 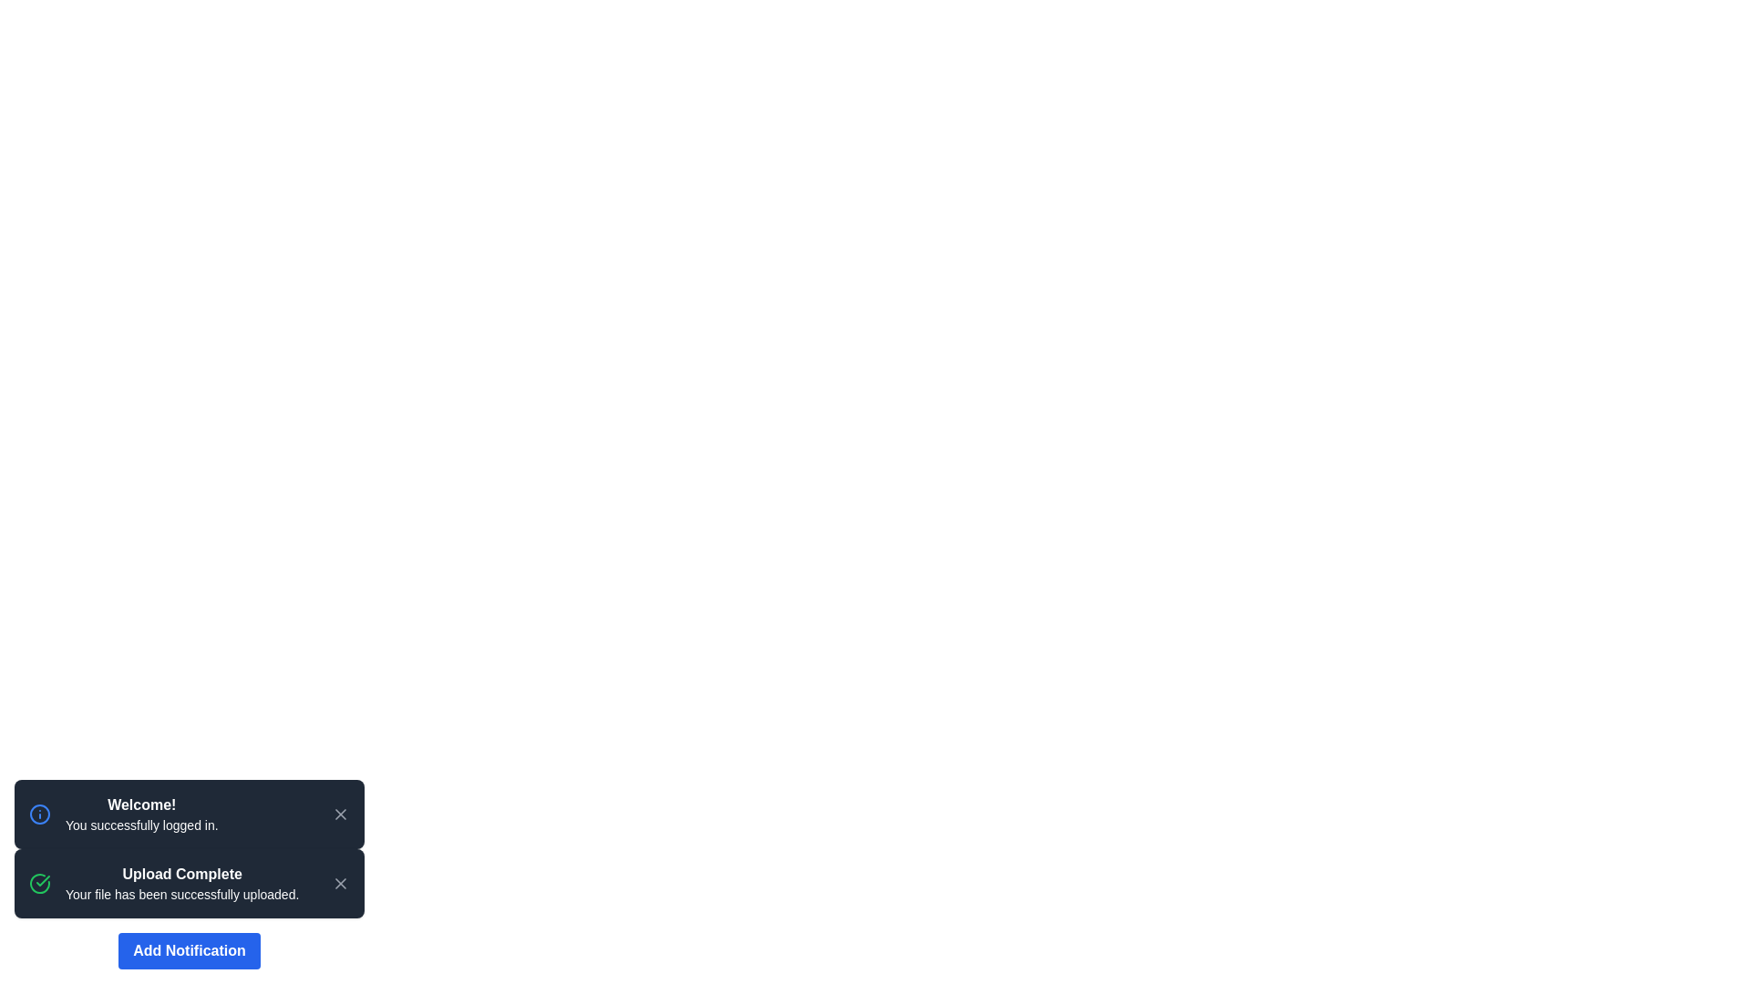 What do you see at coordinates (341, 882) in the screenshot?
I see `the close button with a cross mark ('X') located in the top-right corner of the notification card` at bounding box center [341, 882].